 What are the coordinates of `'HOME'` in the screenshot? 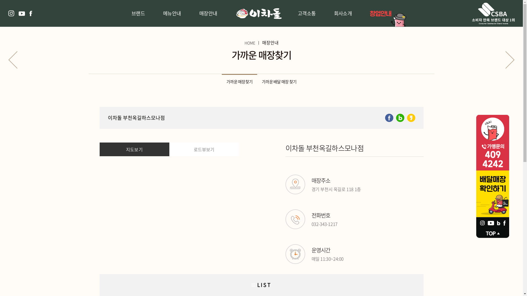 It's located at (249, 42).